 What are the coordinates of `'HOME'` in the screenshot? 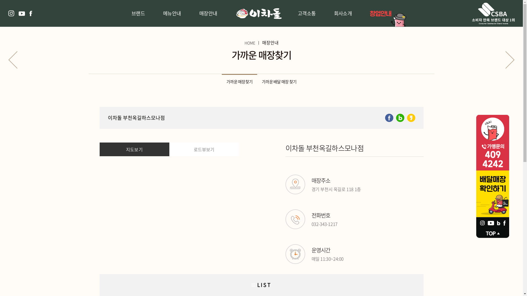 It's located at (249, 42).